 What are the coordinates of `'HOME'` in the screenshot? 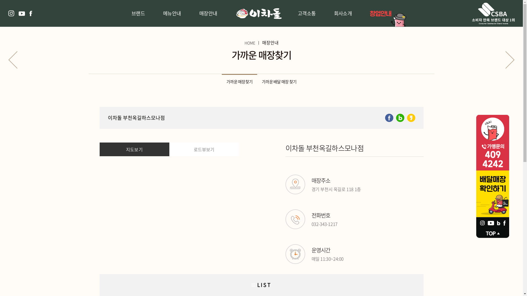 It's located at (249, 42).